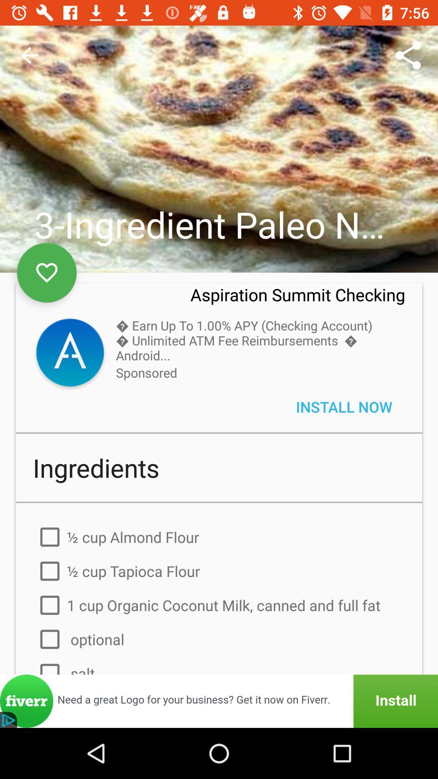  I want to click on advertisement install fiverr app, so click(219, 701).